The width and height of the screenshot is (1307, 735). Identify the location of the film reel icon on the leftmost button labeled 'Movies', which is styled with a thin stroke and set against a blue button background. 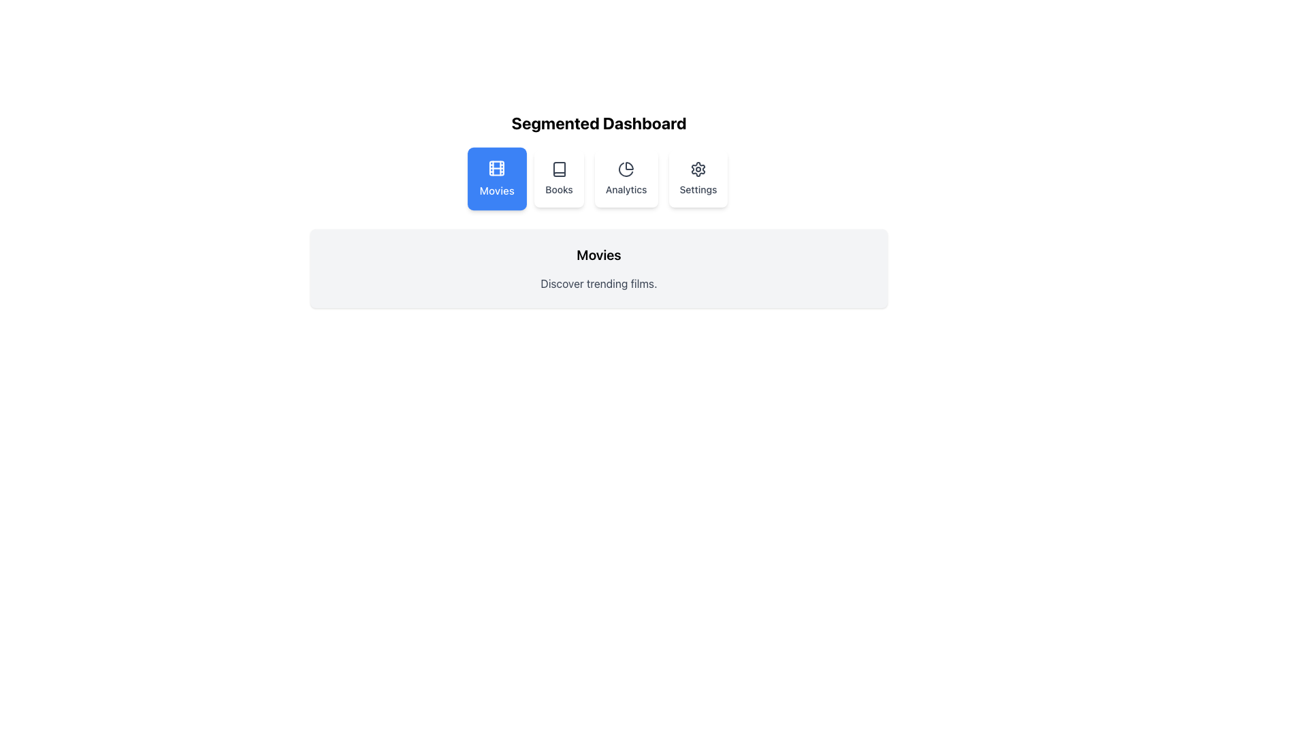
(496, 167).